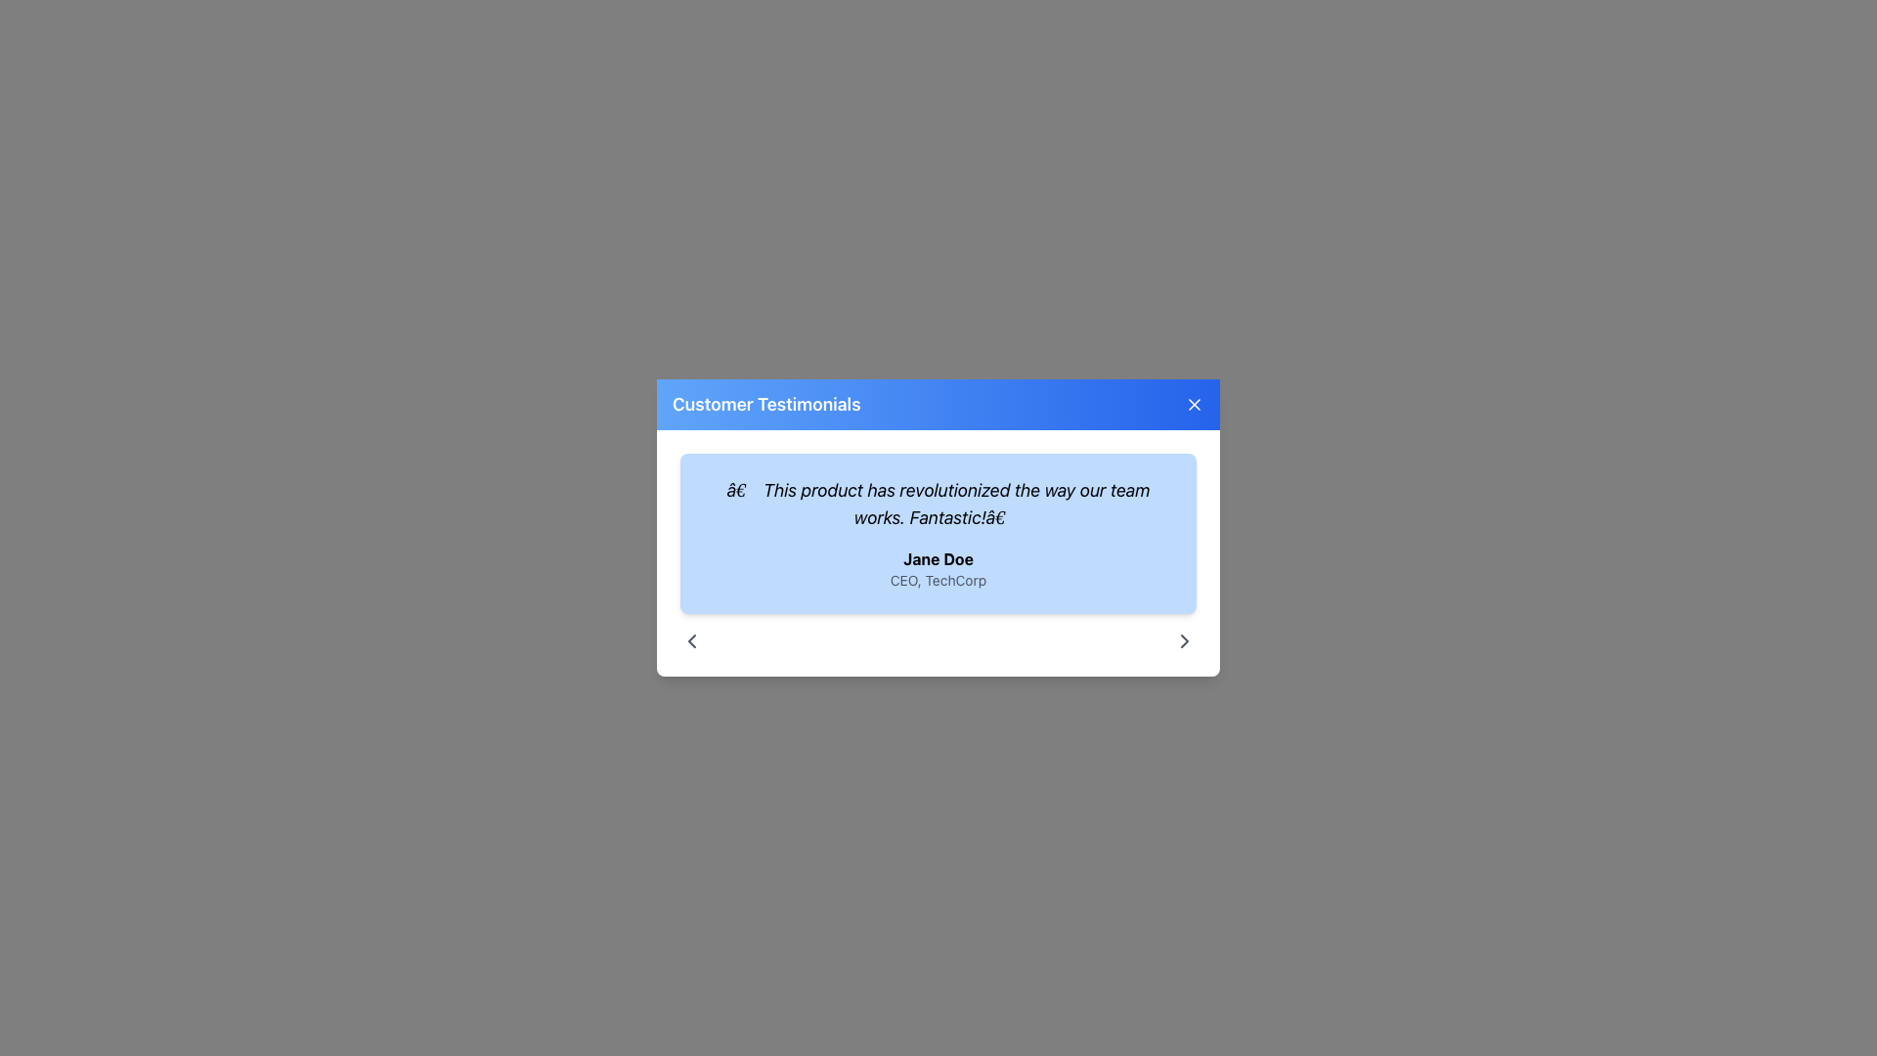  Describe the element at coordinates (1183, 640) in the screenshot. I see `the navigation icon located at the bottom-right corner of the pop-up to proceed to the next item in the sequence` at that location.